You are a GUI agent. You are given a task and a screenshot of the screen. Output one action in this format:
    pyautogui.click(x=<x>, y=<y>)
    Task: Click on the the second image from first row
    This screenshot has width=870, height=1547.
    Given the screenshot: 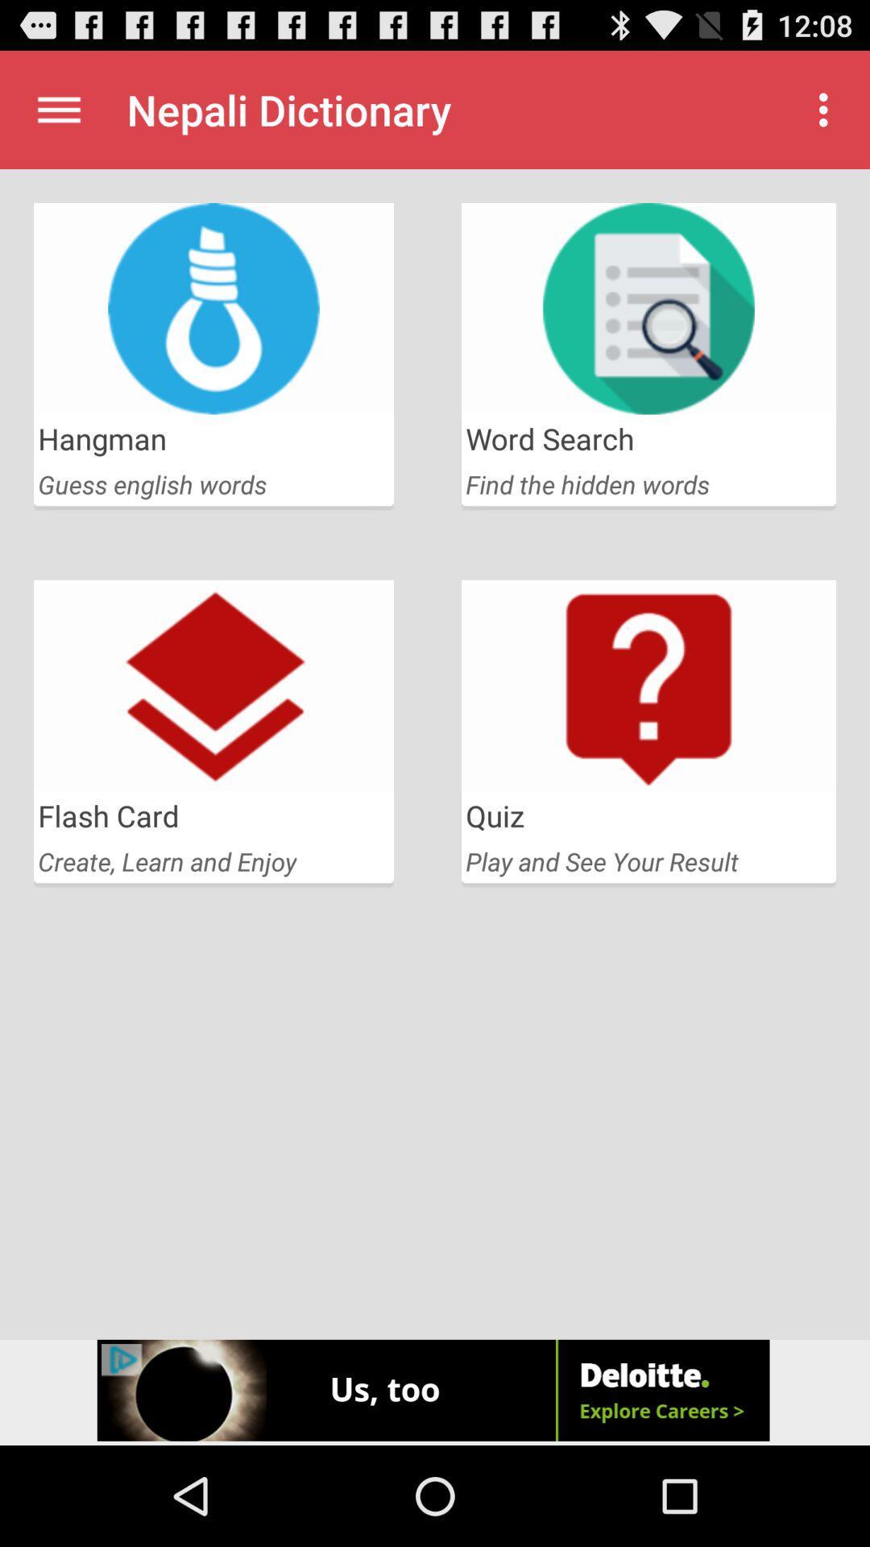 What is the action you would take?
    pyautogui.click(x=648, y=309)
    